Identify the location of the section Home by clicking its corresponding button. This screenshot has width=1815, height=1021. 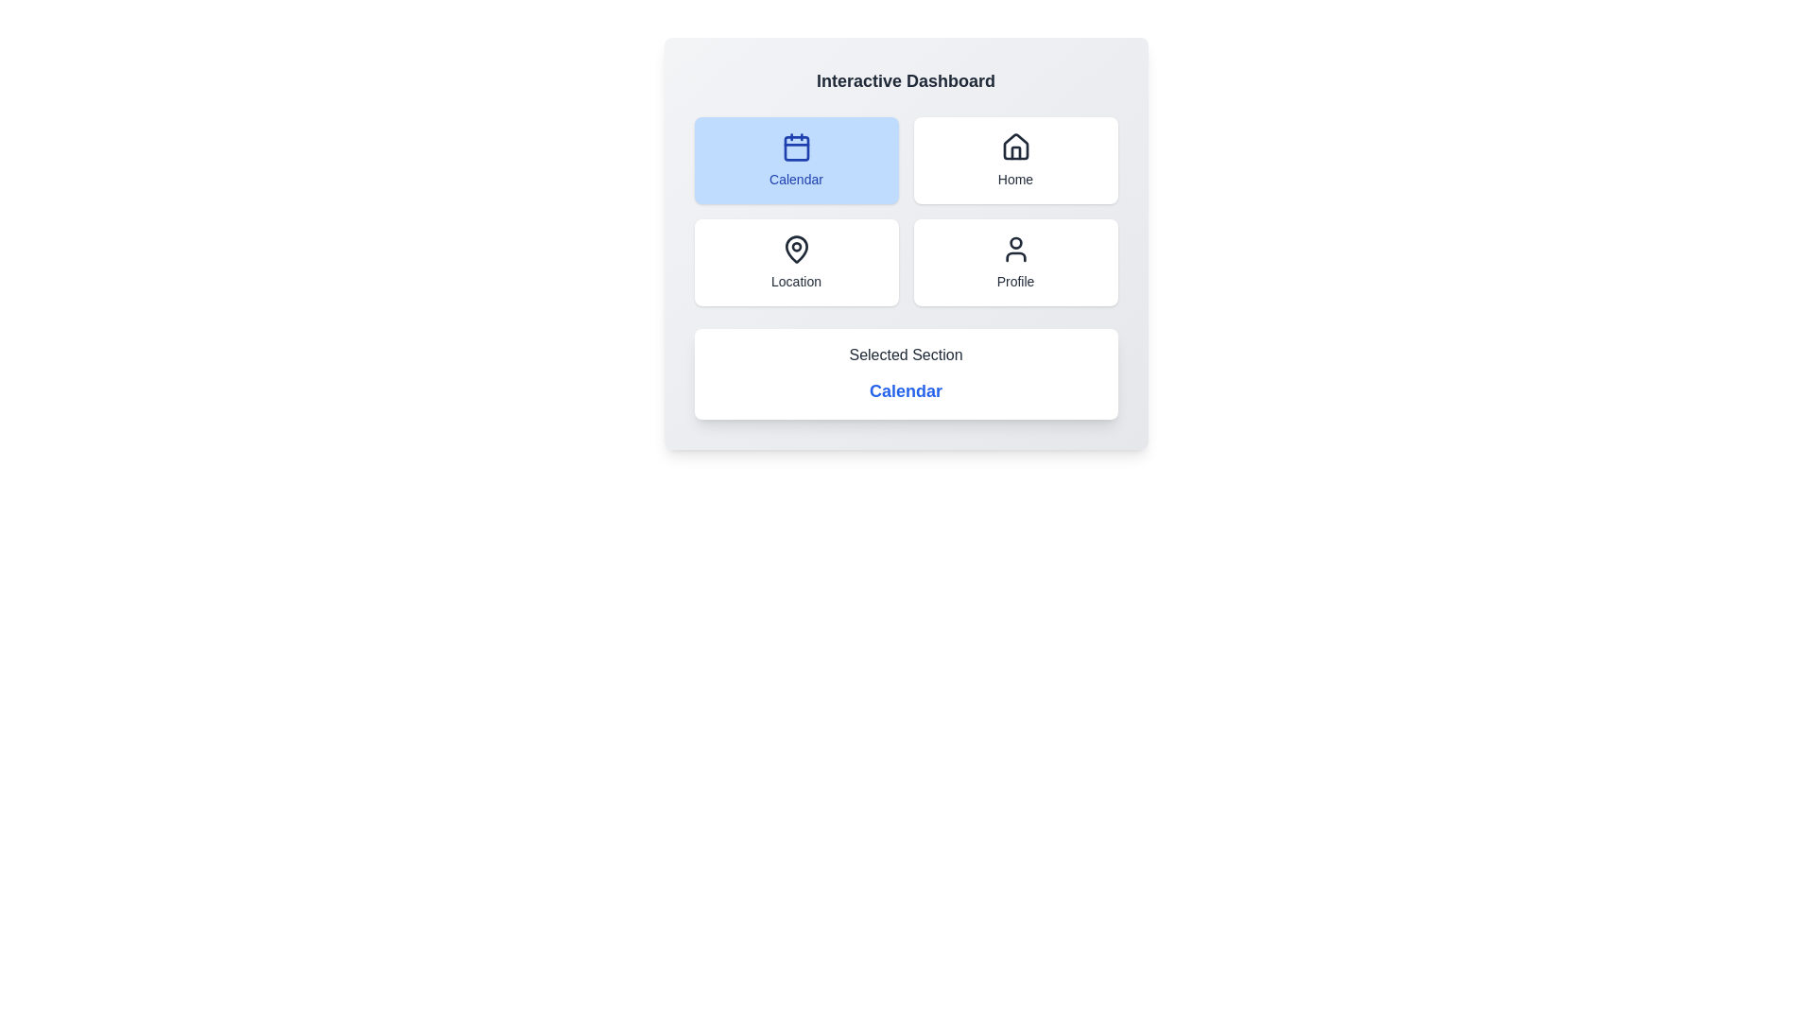
(1014, 159).